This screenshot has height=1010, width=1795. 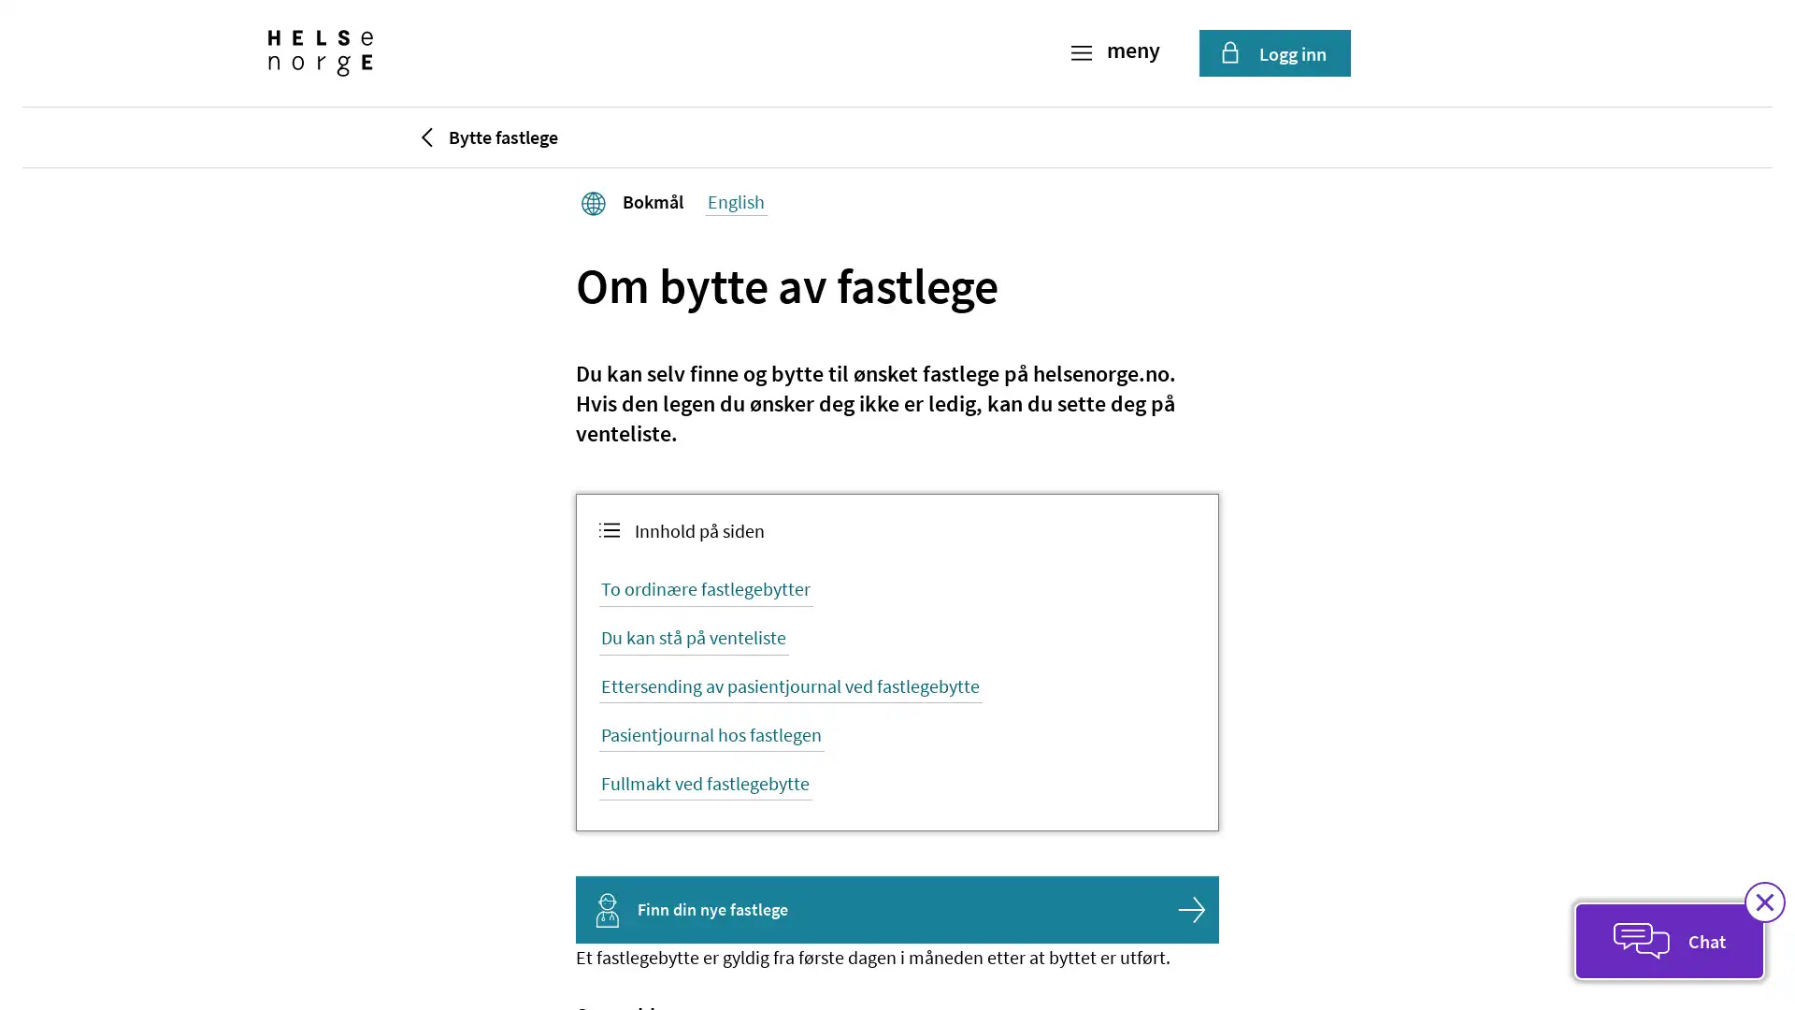 I want to click on meny, so click(x=1117, y=52).